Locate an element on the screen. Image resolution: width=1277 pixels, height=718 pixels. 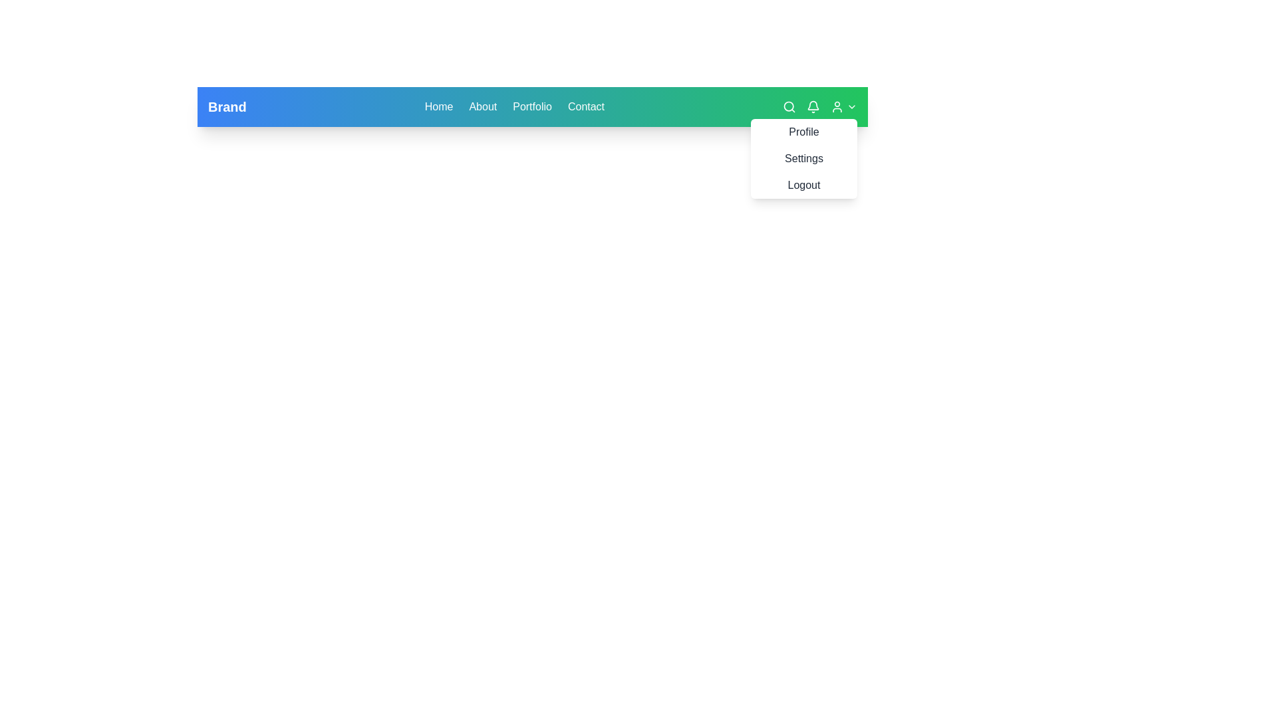
the 'Home' text link in the navigation menu is located at coordinates (439, 106).